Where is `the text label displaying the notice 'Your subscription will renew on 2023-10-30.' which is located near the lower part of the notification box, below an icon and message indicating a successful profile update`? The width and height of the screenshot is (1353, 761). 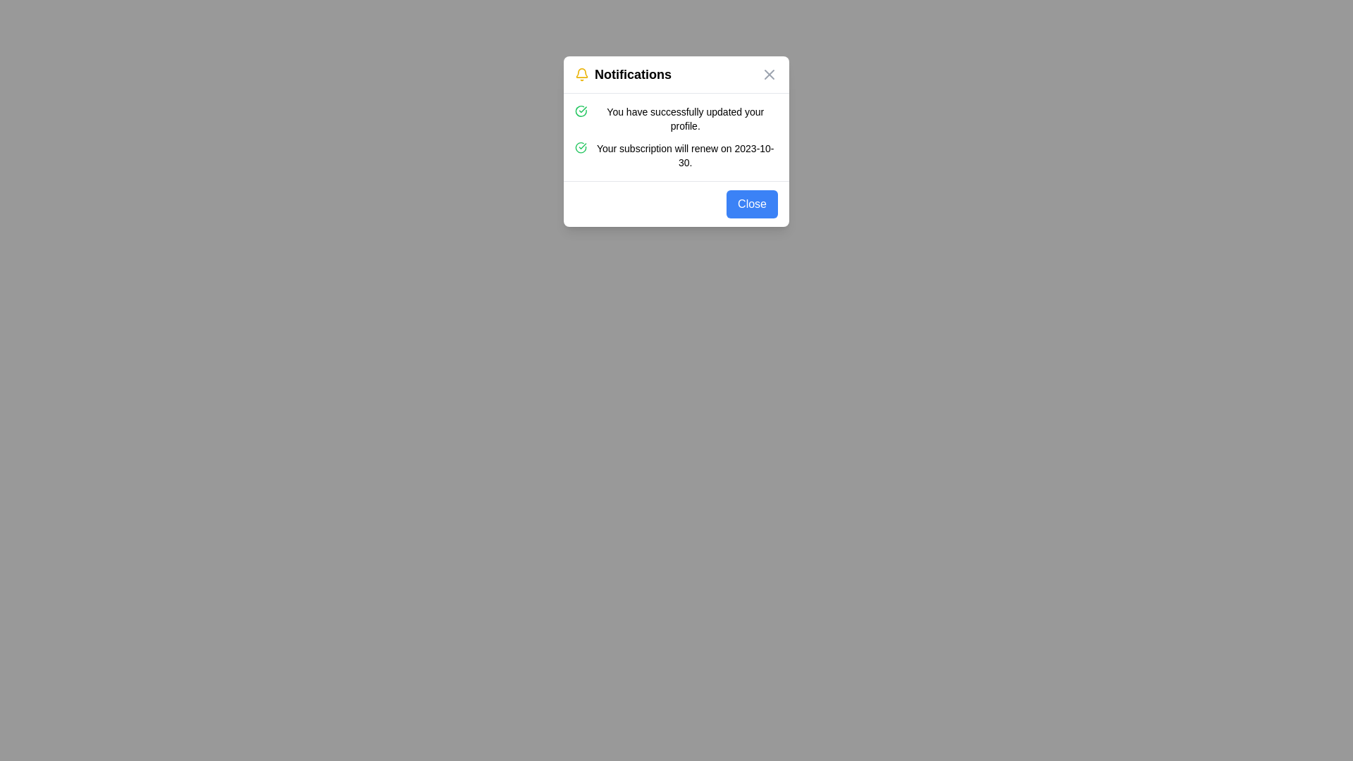
the text label displaying the notice 'Your subscription will renew on 2023-10-30.' which is located near the lower part of the notification box, below an icon and message indicating a successful profile update is located at coordinates (685, 155).